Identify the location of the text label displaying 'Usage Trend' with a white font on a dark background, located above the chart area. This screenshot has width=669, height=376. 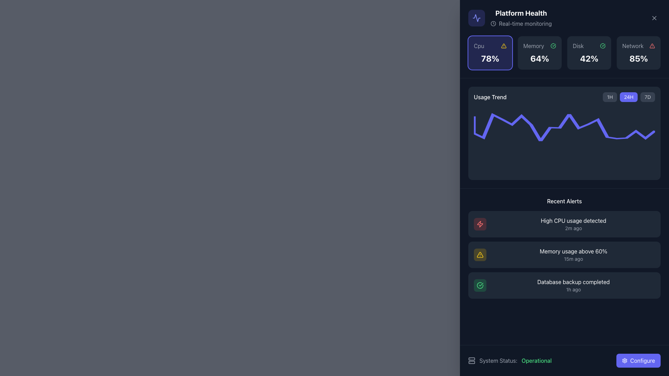
(490, 97).